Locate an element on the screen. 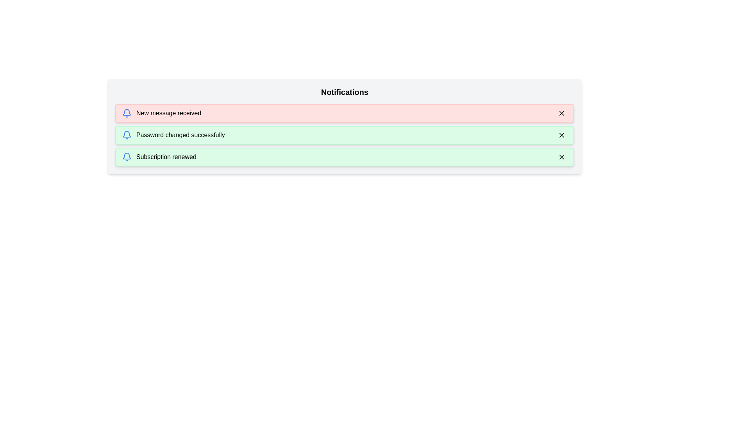 This screenshot has height=422, width=750. the close icon (X) in the topmost notification banner with red background indicating 'New message received' is located at coordinates (561, 113).